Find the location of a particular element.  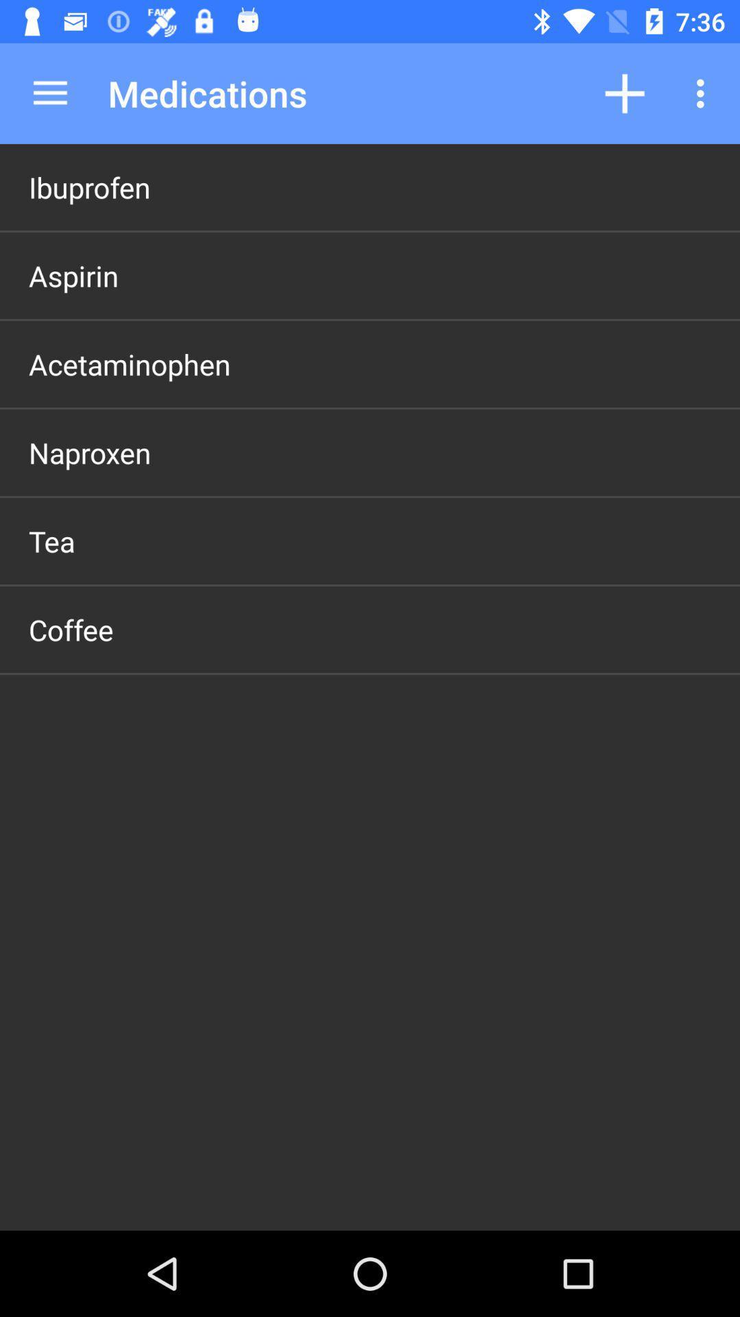

the tea is located at coordinates (51, 540).